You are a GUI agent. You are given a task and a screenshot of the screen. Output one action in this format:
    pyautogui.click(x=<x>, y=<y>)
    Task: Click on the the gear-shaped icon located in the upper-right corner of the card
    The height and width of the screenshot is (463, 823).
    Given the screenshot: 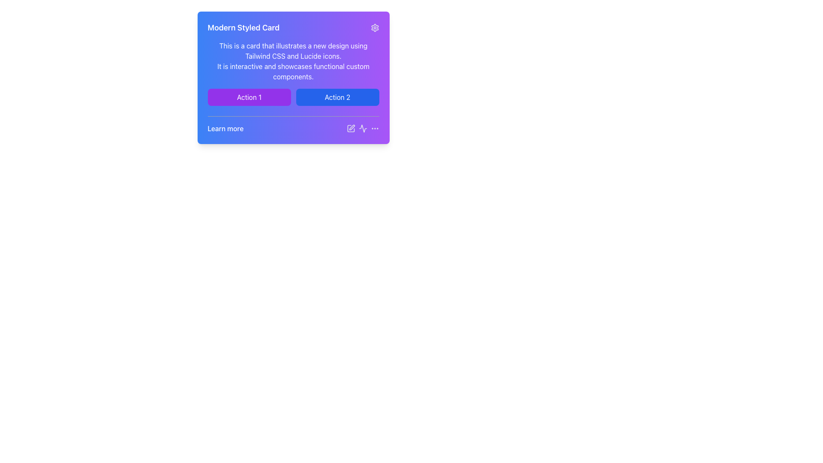 What is the action you would take?
    pyautogui.click(x=375, y=27)
    